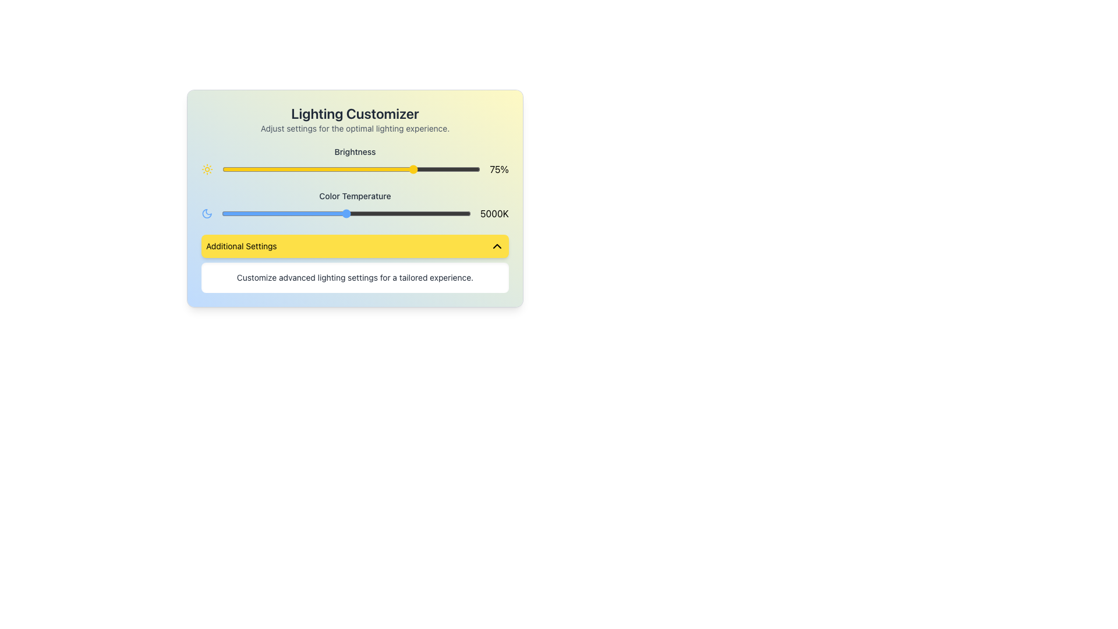  What do you see at coordinates (207, 213) in the screenshot?
I see `the nighttime theme icon located in the 'Color Temperature' section, to the left of the slider and the '5000K' label` at bounding box center [207, 213].